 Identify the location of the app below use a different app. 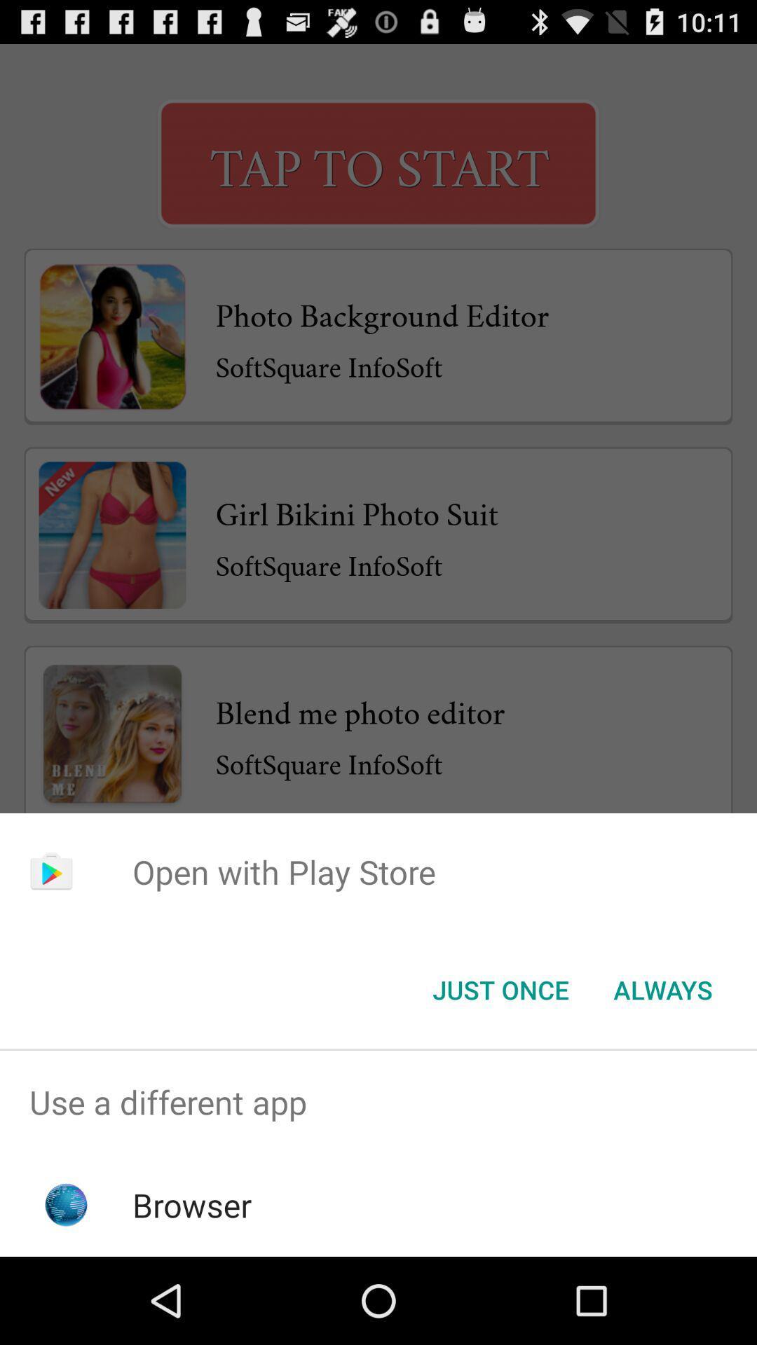
(192, 1204).